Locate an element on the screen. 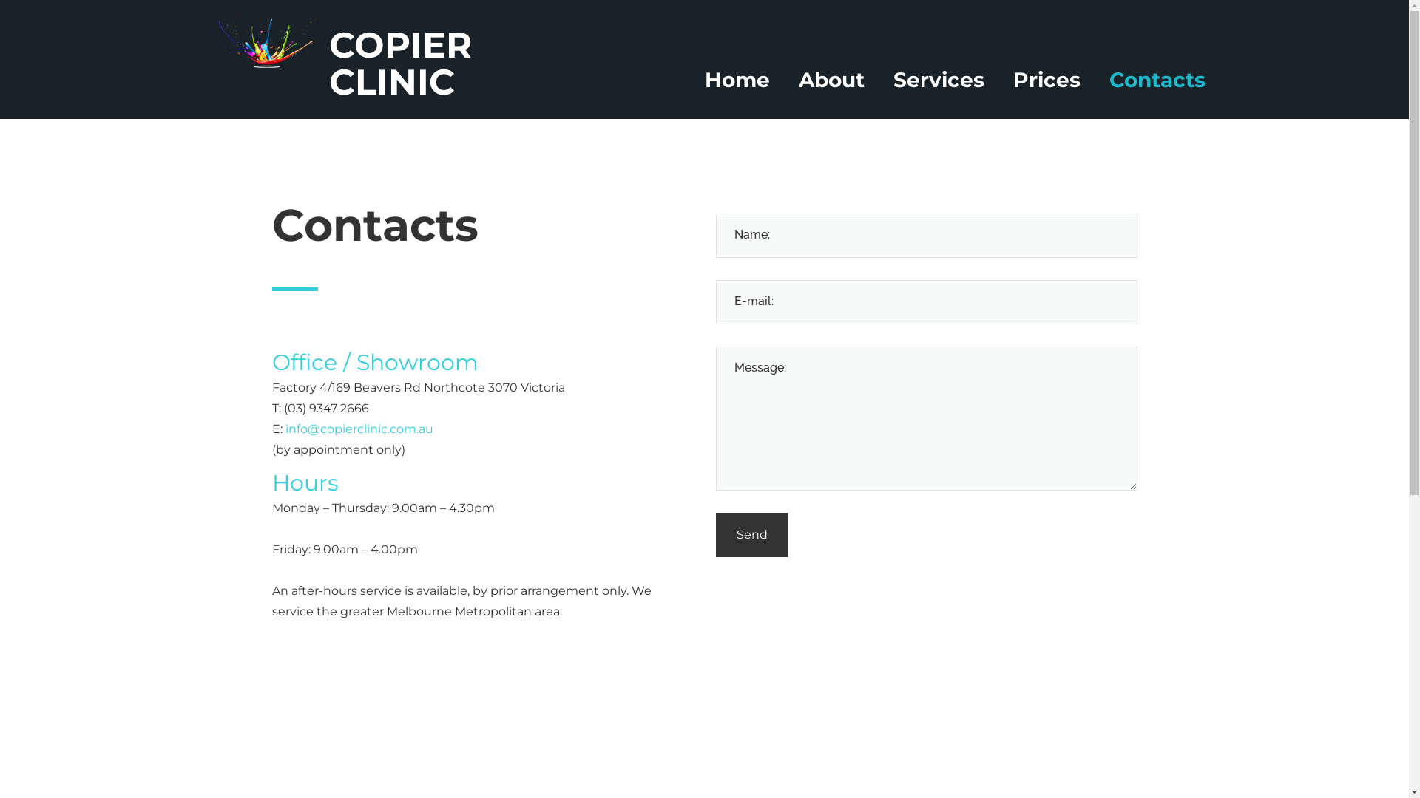 The height and width of the screenshot is (798, 1420). 'info@copierclinic.com.au' is located at coordinates (359, 429).